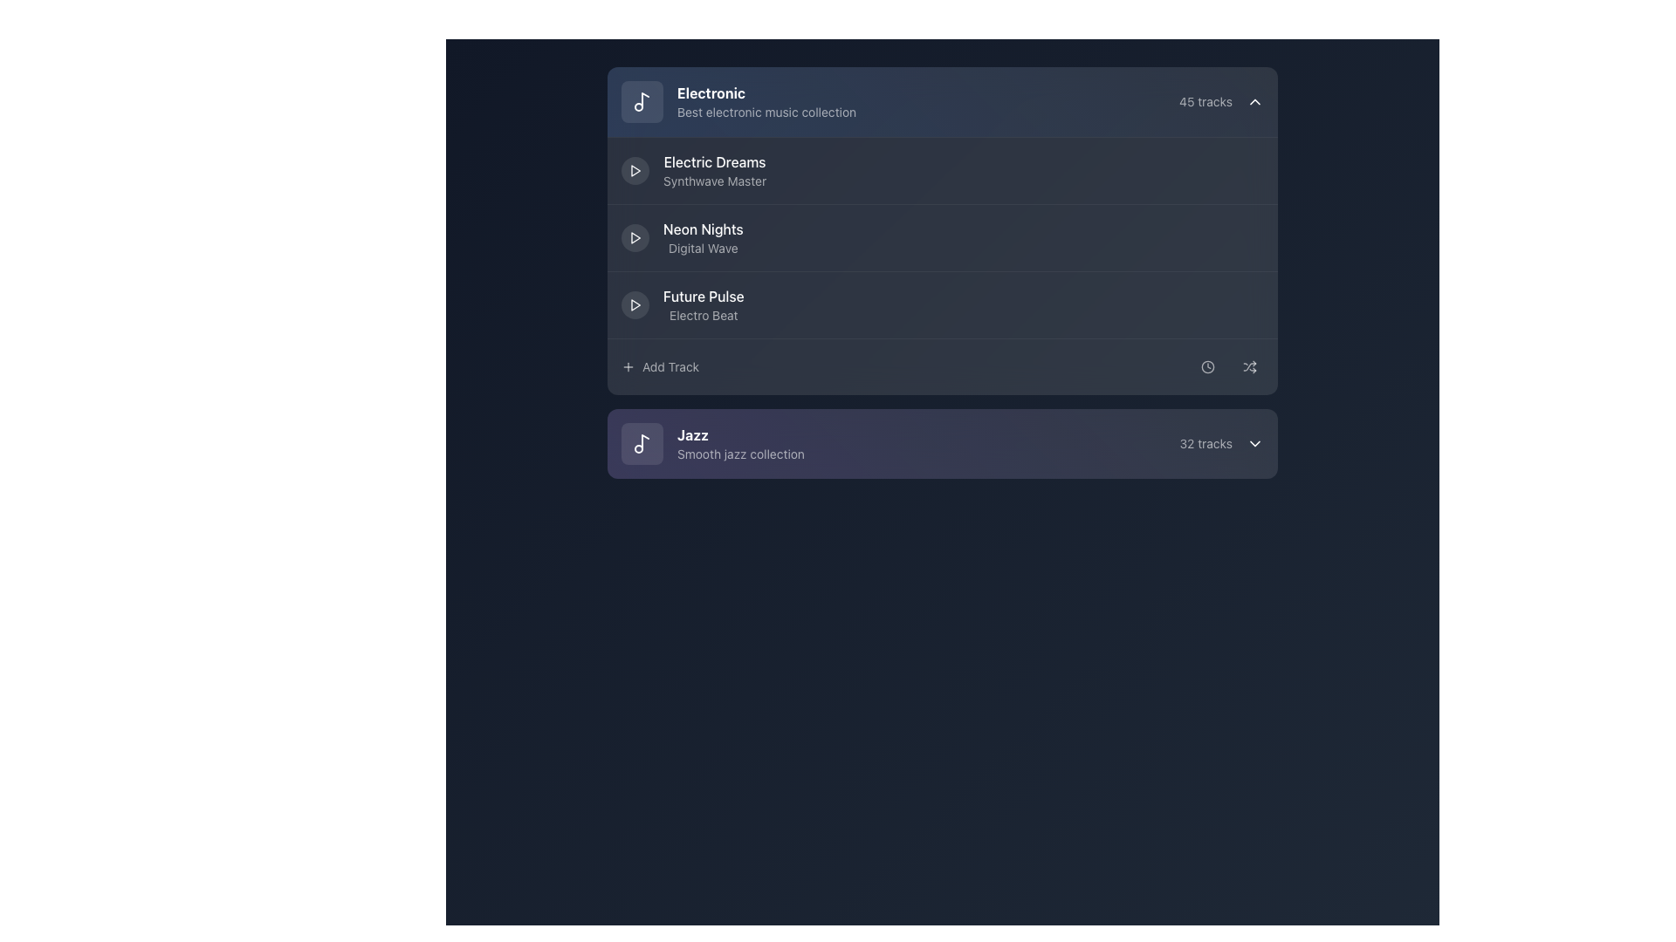 This screenshot has width=1676, height=942. What do you see at coordinates (942, 443) in the screenshot?
I see `the fifth card in the list displaying the 'Jazz' album details` at bounding box center [942, 443].